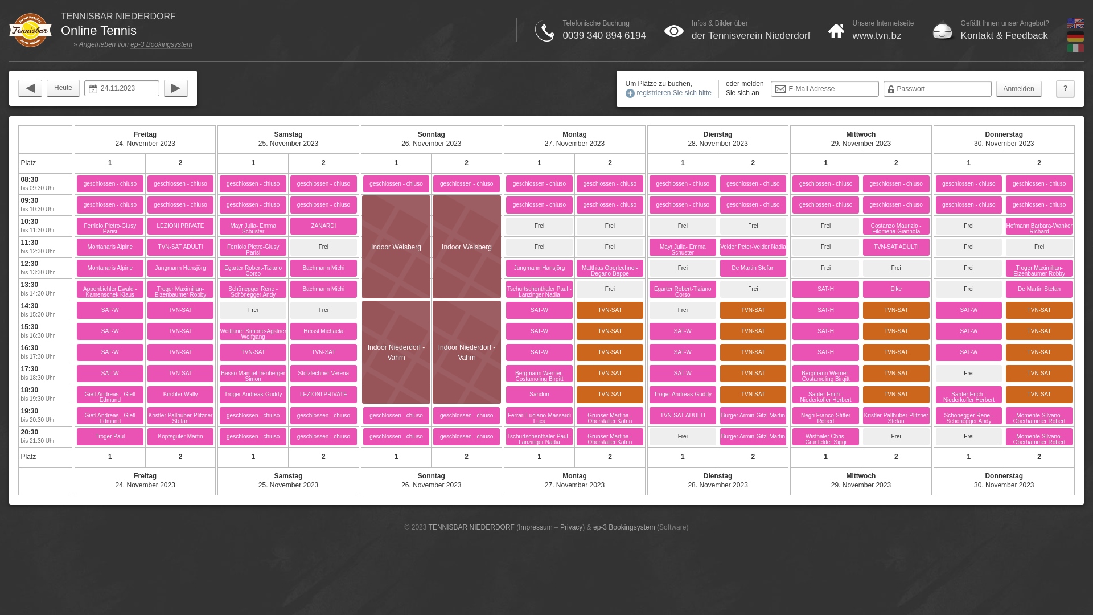  I want to click on 'registrieren Sie sich bitte', so click(624, 93).